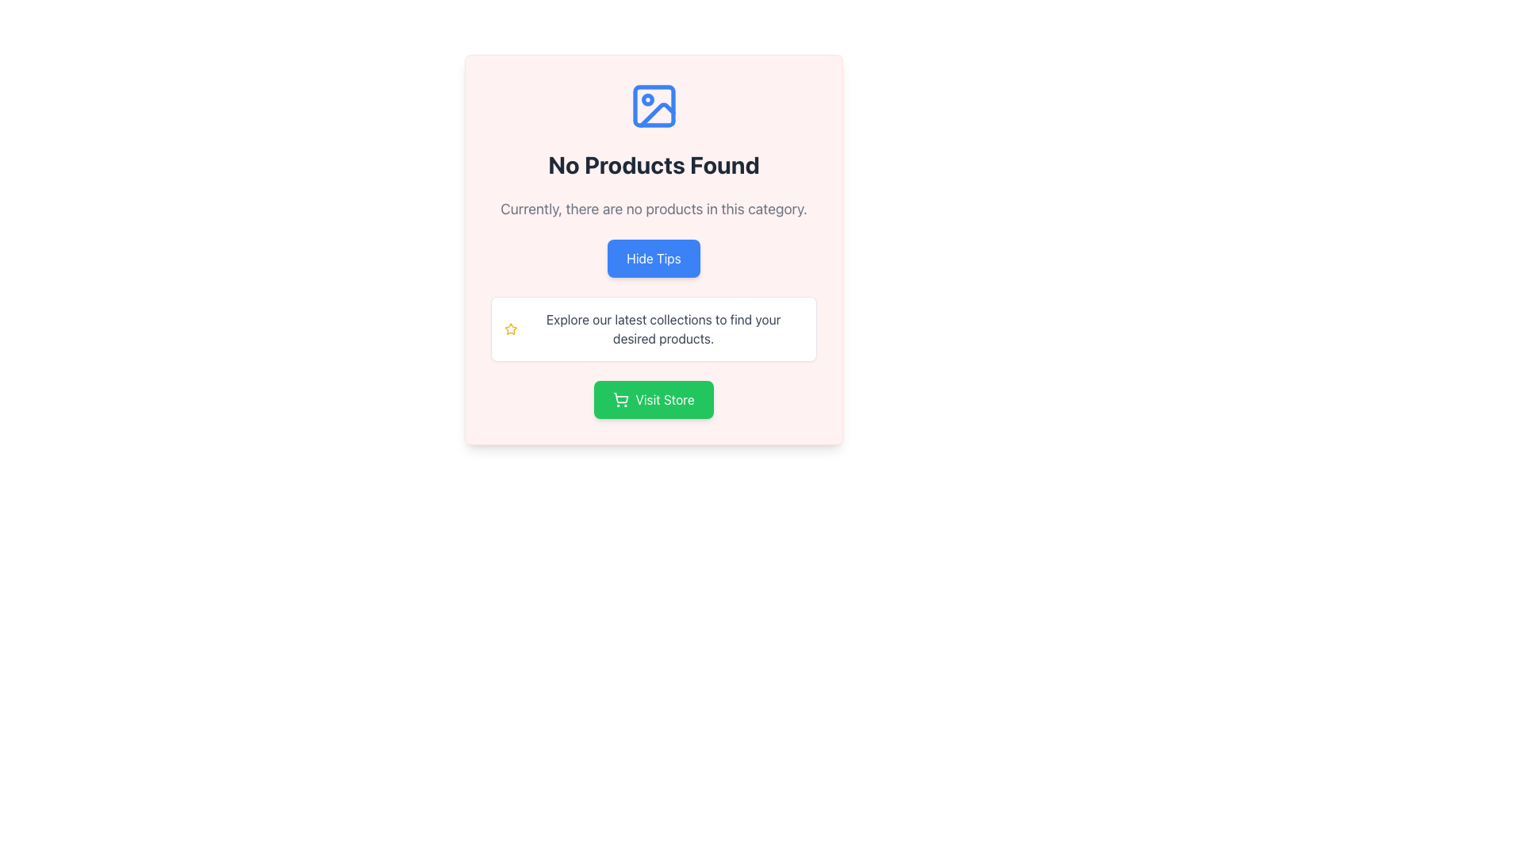 This screenshot has width=1523, height=857. Describe the element at coordinates (511, 328) in the screenshot. I see `the star graphical element that represents a rating system or favorite marker` at that location.